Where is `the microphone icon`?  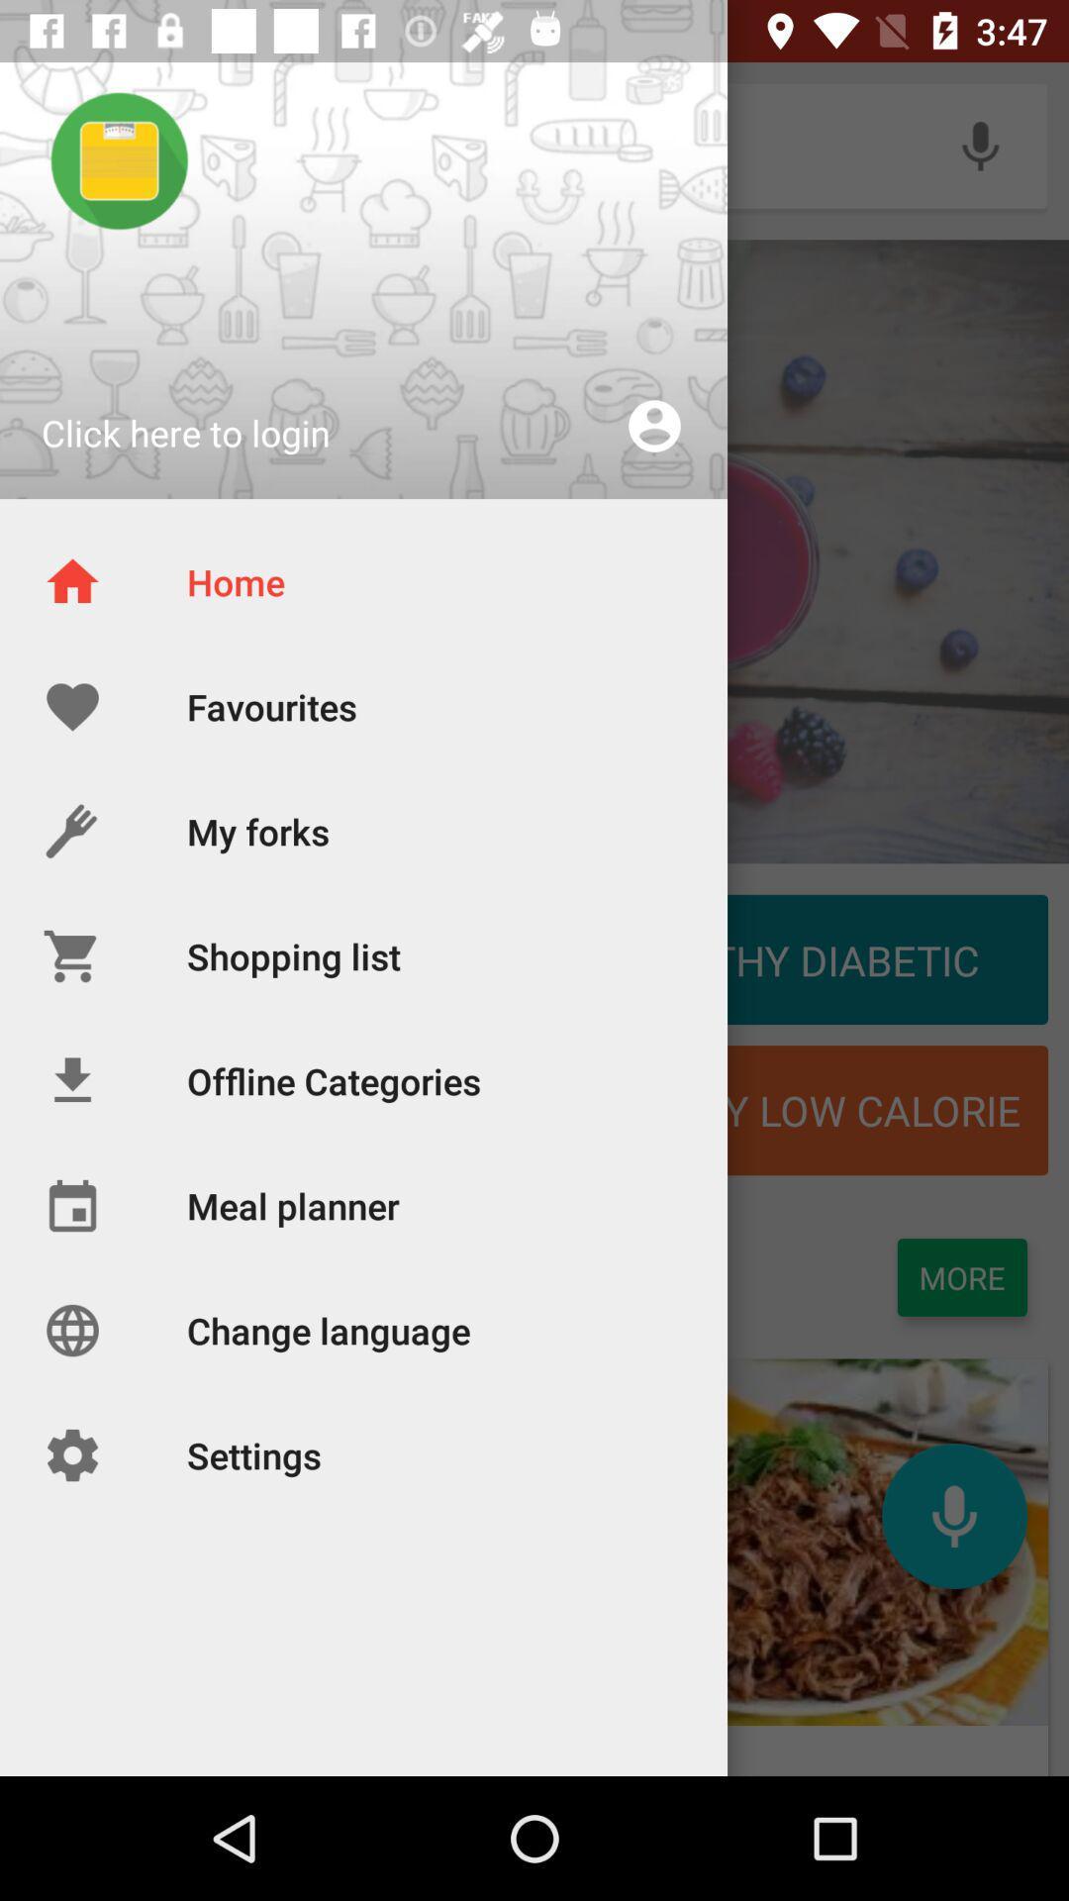
the microphone icon is located at coordinates (953, 1515).